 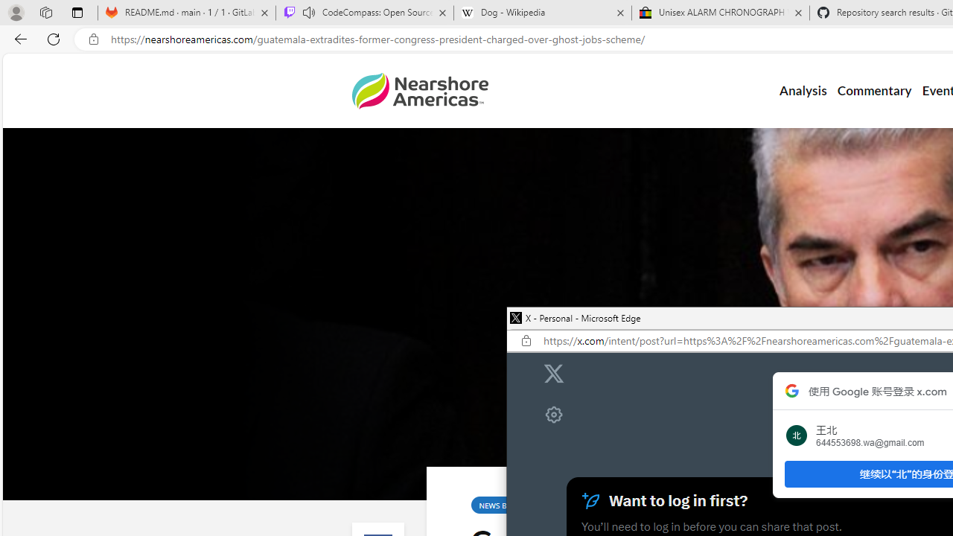 I want to click on 'Nearshore Americas', so click(x=418, y=91).